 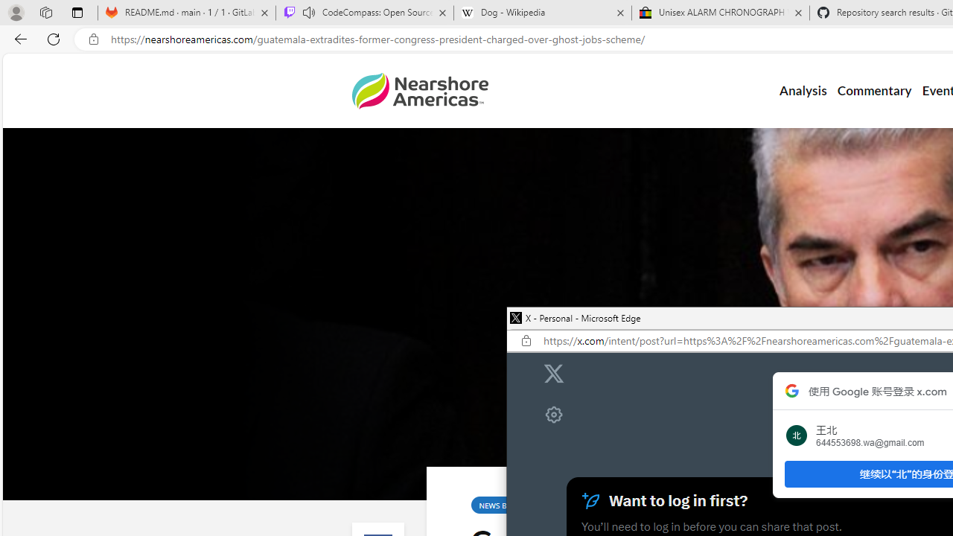 I want to click on 'Nearshore Americas', so click(x=418, y=91).